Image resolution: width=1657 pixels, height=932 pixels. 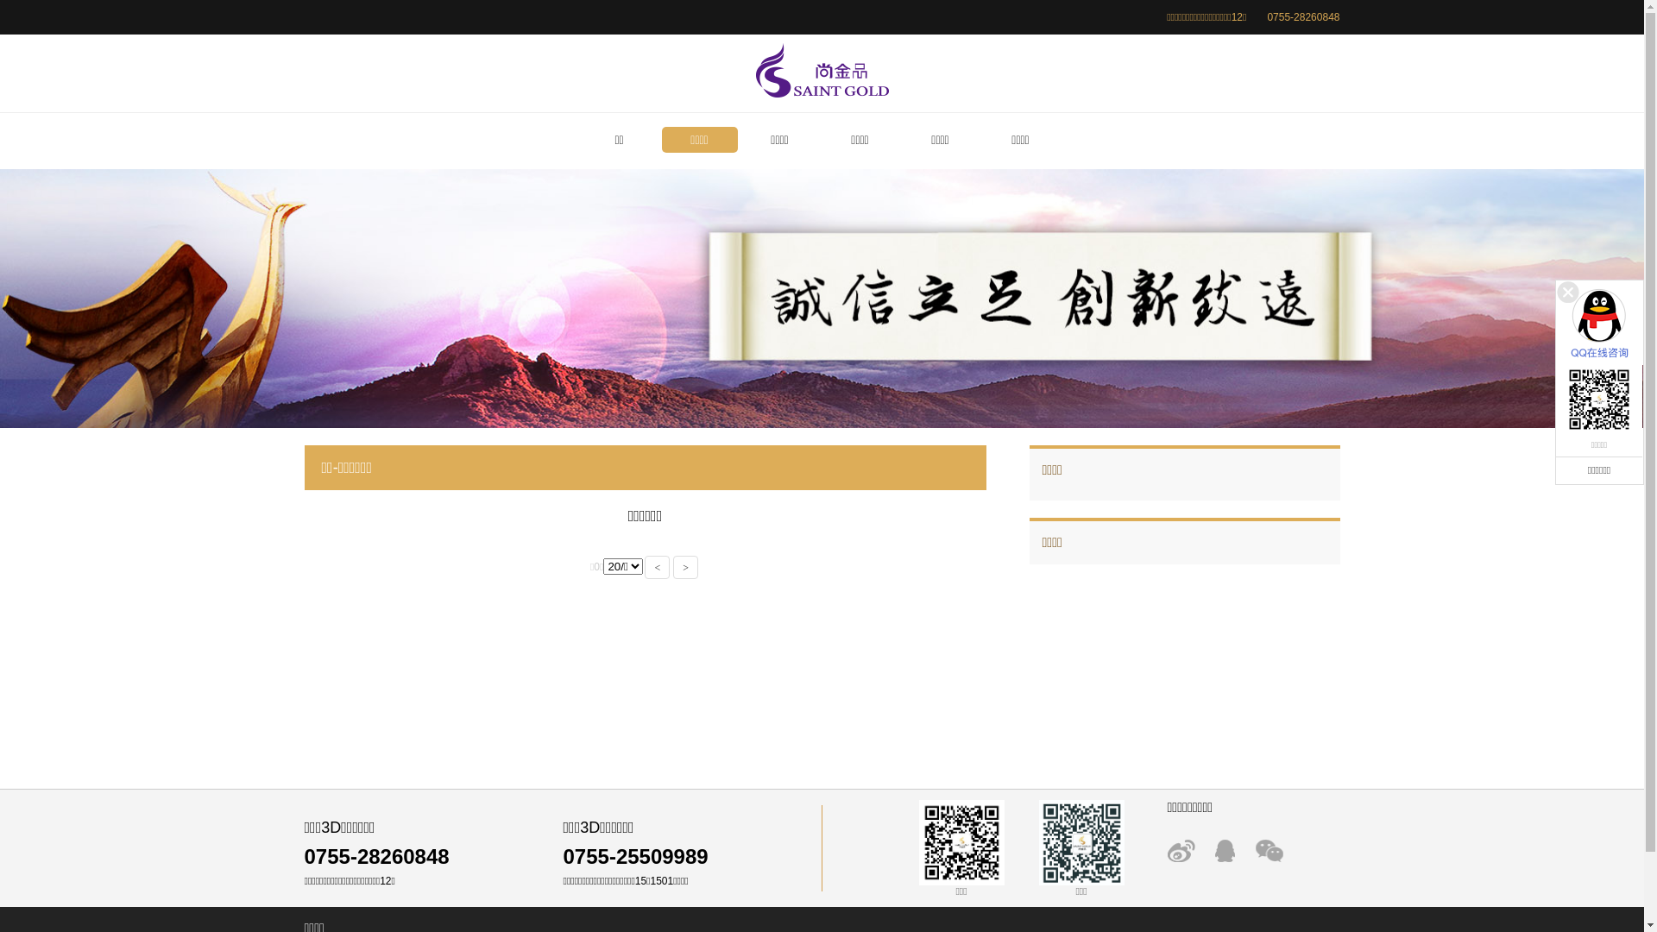 I want to click on '>', so click(x=684, y=567).